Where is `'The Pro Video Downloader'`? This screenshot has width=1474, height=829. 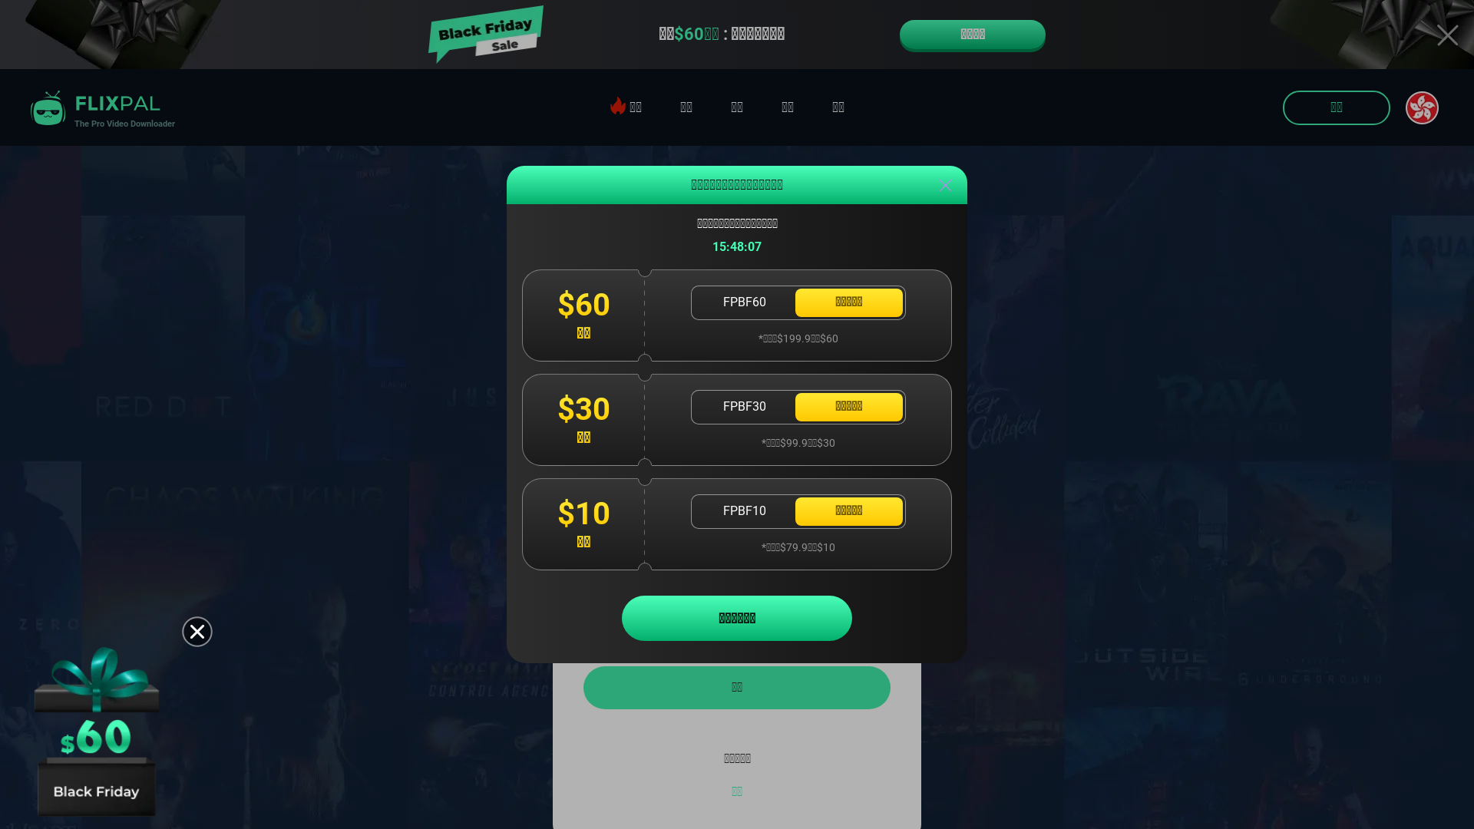
'The Pro Video Downloader' is located at coordinates (98, 106).